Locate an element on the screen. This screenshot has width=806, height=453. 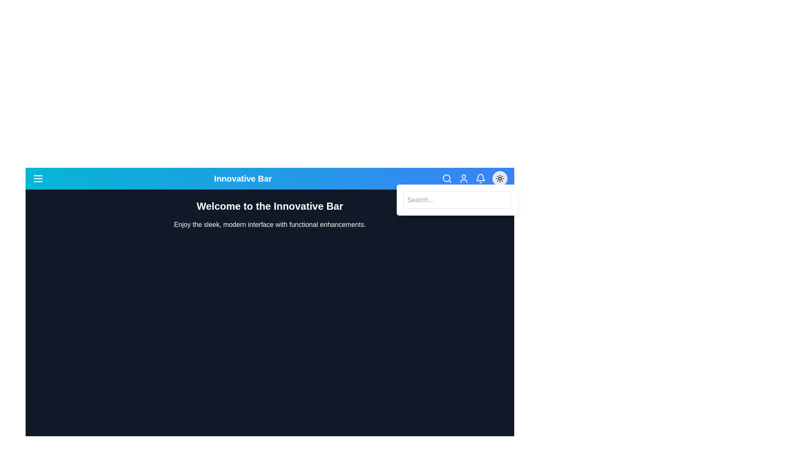
the menu icon to toggle the menu is located at coordinates (38, 178).